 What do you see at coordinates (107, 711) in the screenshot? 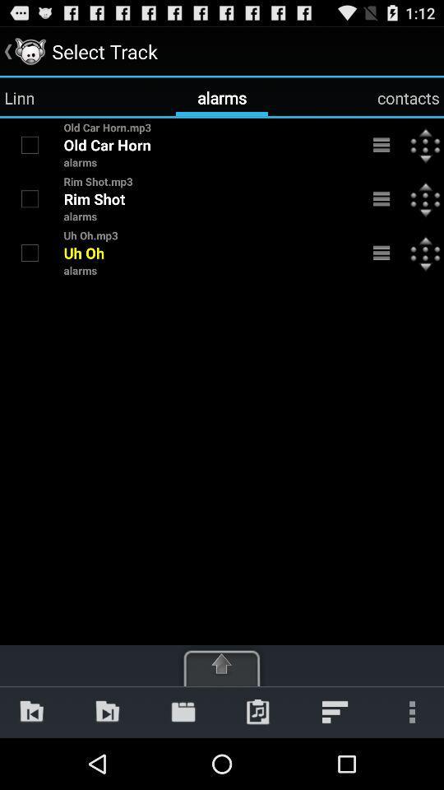
I see `icon below the alarms` at bounding box center [107, 711].